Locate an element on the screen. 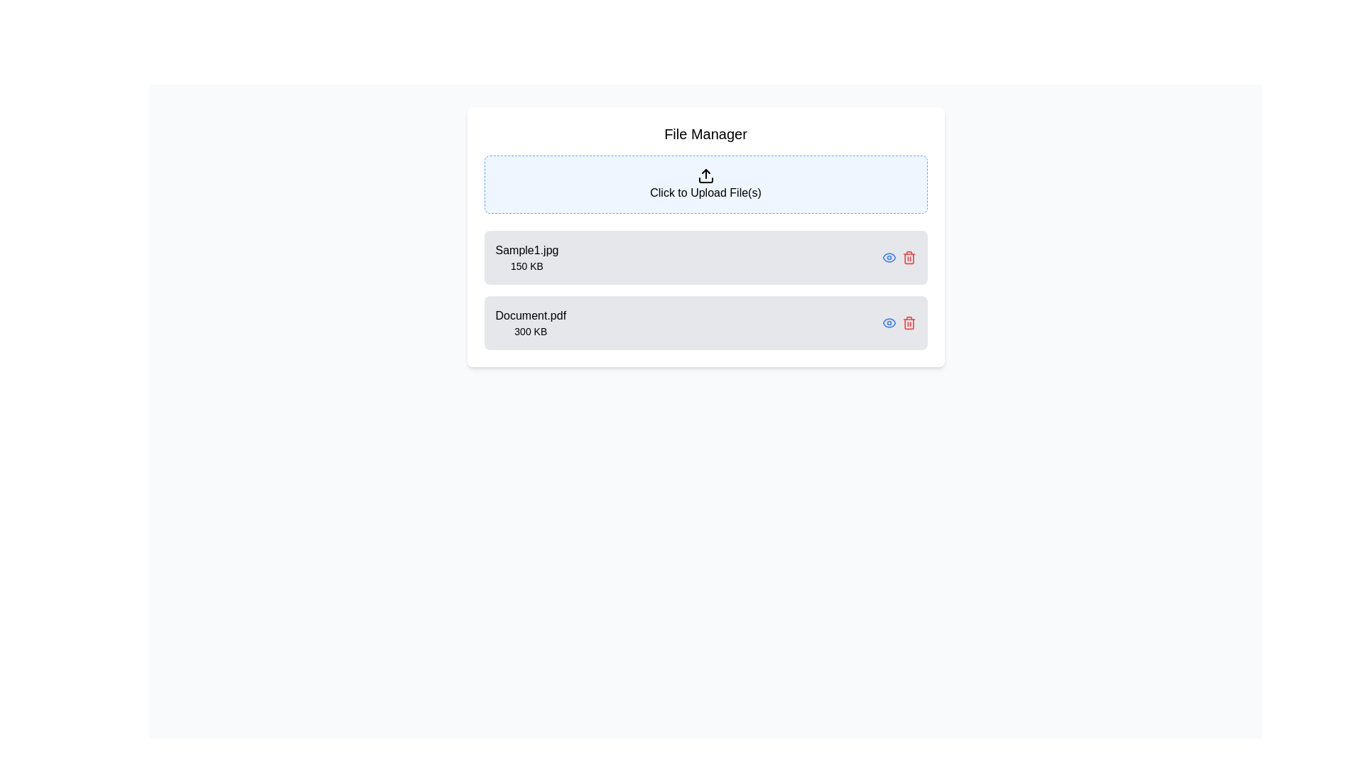  the Upload Indicator icon, which represents the file upload action and is located at the center of the clickable area labeled 'Click to Upload File(s)' is located at coordinates (705, 175).